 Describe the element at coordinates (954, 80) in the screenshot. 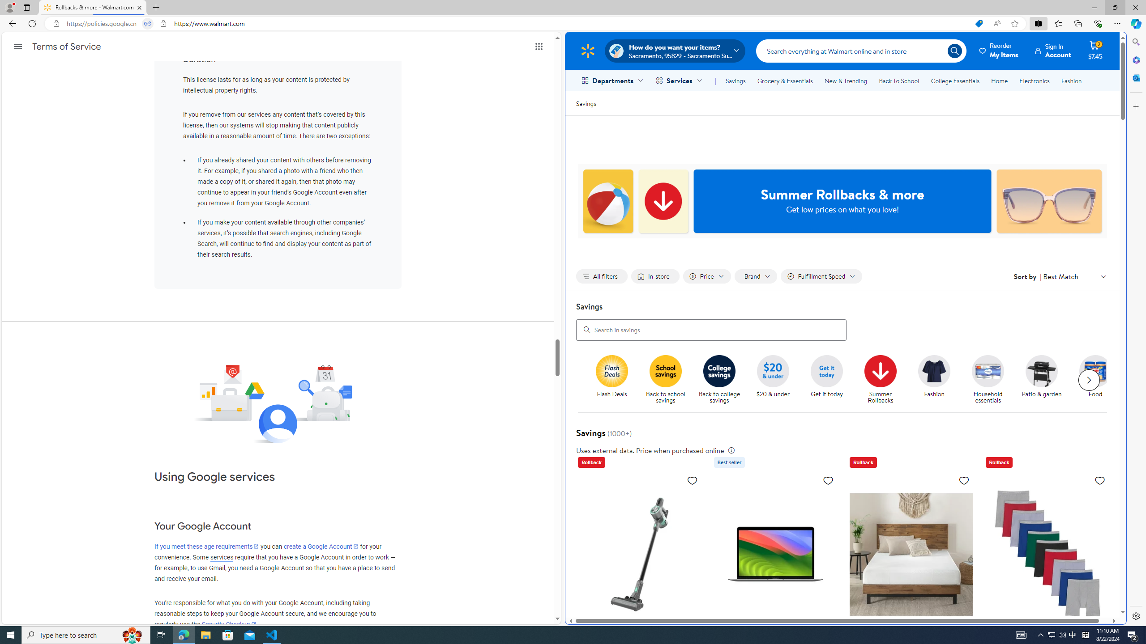

I see `'College Essentials'` at that location.